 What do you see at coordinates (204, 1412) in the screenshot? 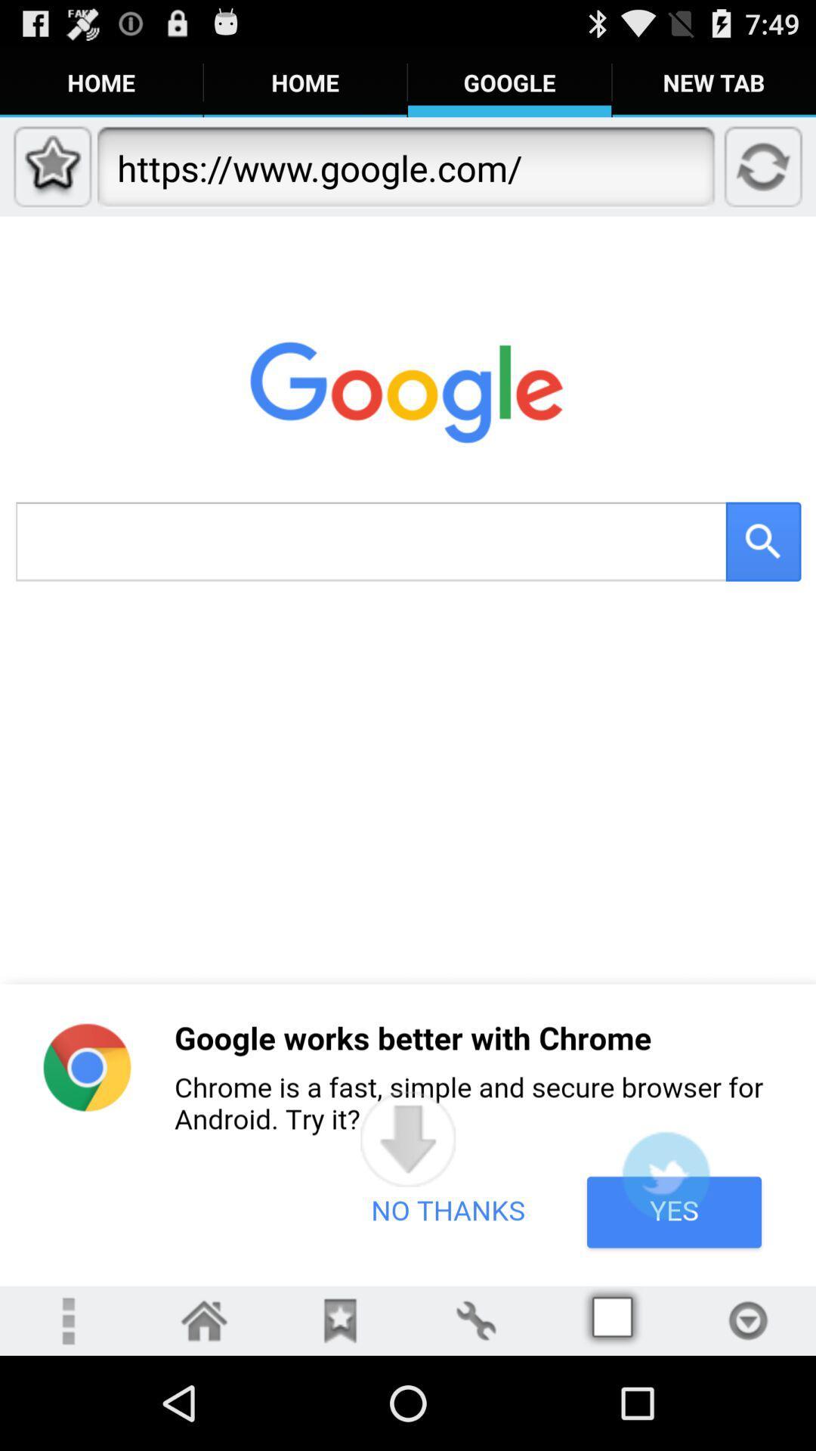
I see `the home icon` at bounding box center [204, 1412].